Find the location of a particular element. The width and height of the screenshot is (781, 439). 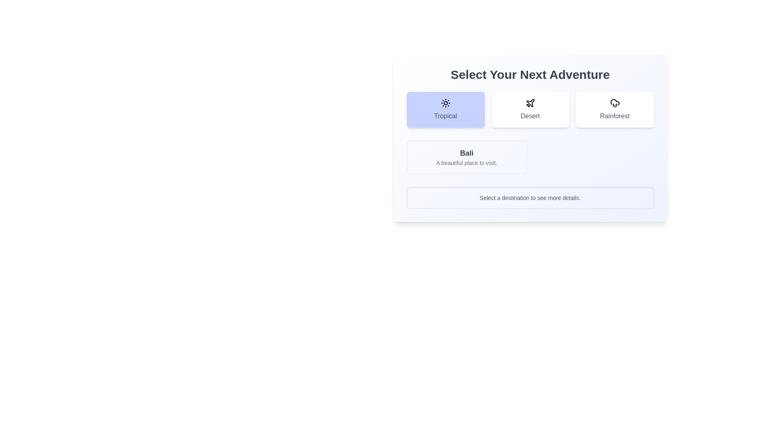

the informational text box that displays the message 'Select a destination is located at coordinates (530, 198).